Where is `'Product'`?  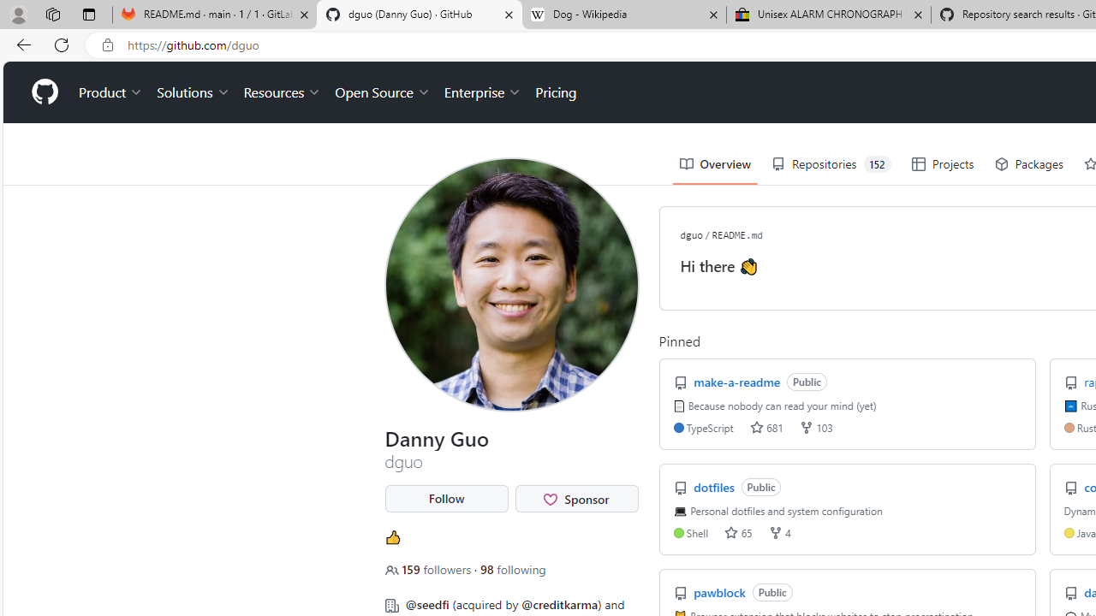
'Product' is located at coordinates (110, 92).